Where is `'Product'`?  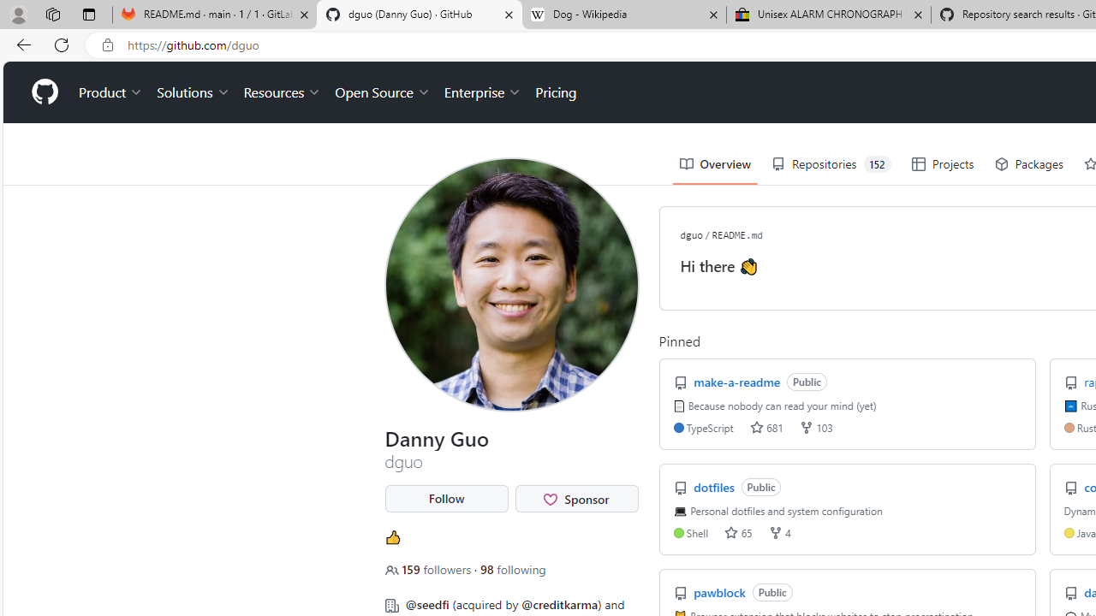
'Product' is located at coordinates (110, 92).